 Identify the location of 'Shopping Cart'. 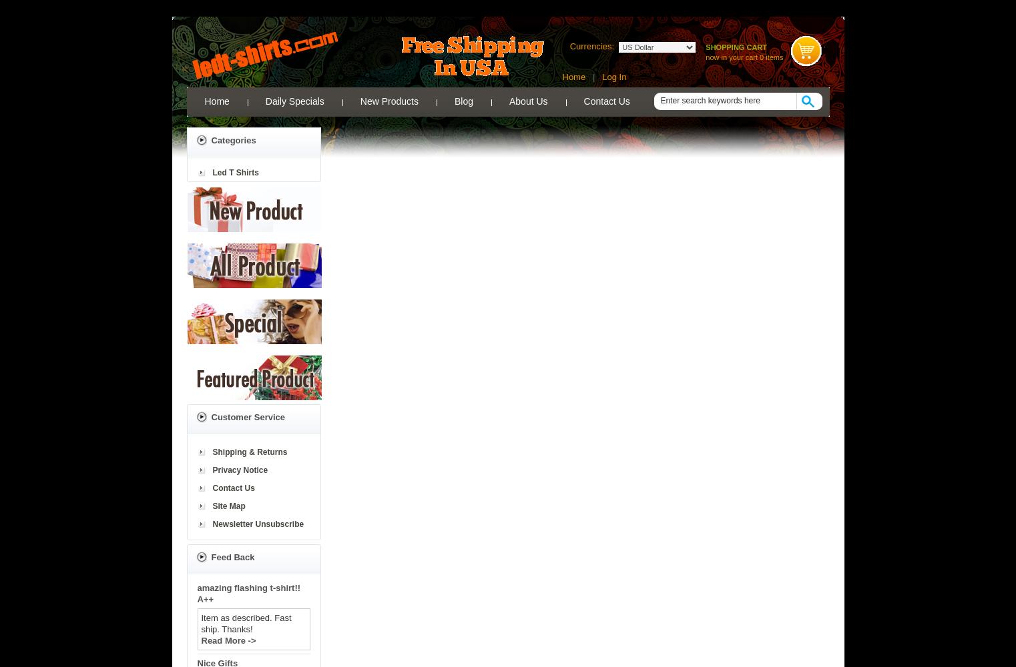
(735, 47).